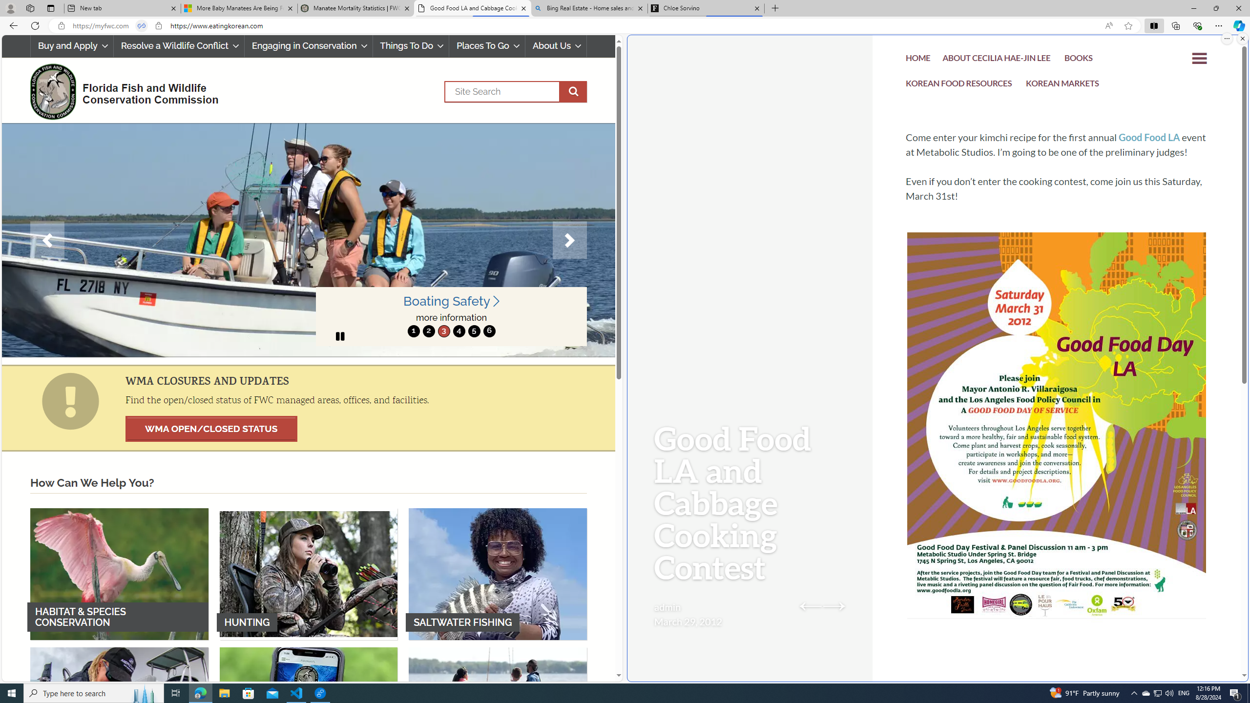 Image resolution: width=1250 pixels, height=703 pixels. I want to click on 'Next', so click(569, 240).